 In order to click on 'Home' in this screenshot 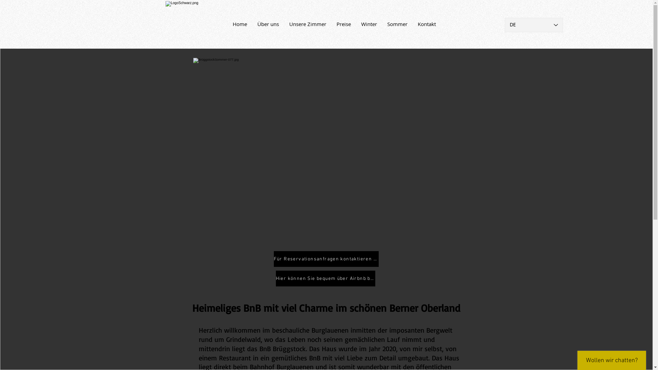, I will do `click(240, 23)`.